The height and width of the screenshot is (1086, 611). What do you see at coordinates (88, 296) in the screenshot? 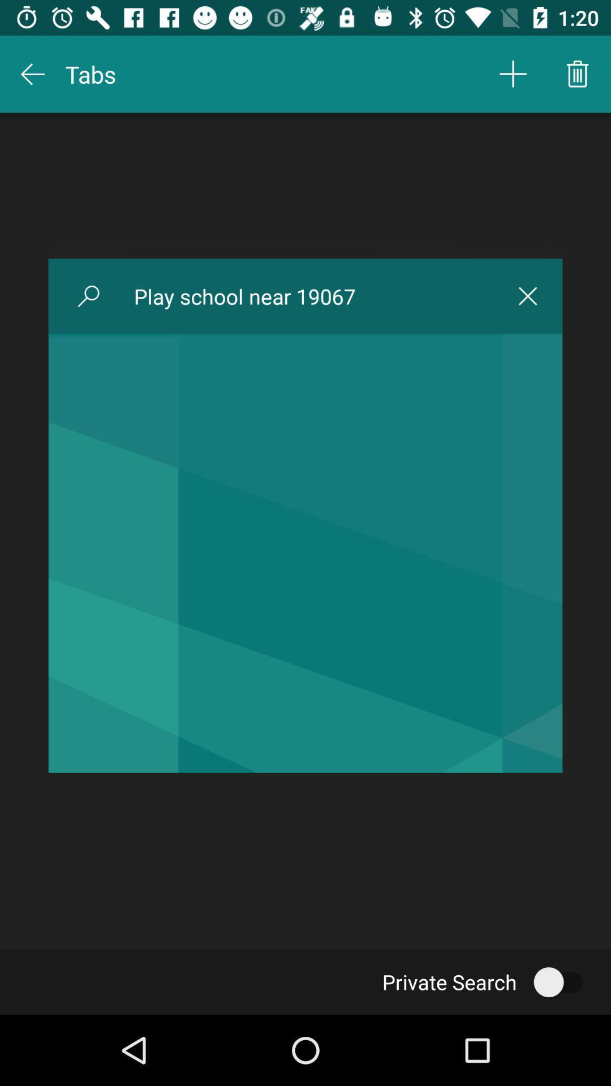
I see `icon next to play school near icon` at bounding box center [88, 296].